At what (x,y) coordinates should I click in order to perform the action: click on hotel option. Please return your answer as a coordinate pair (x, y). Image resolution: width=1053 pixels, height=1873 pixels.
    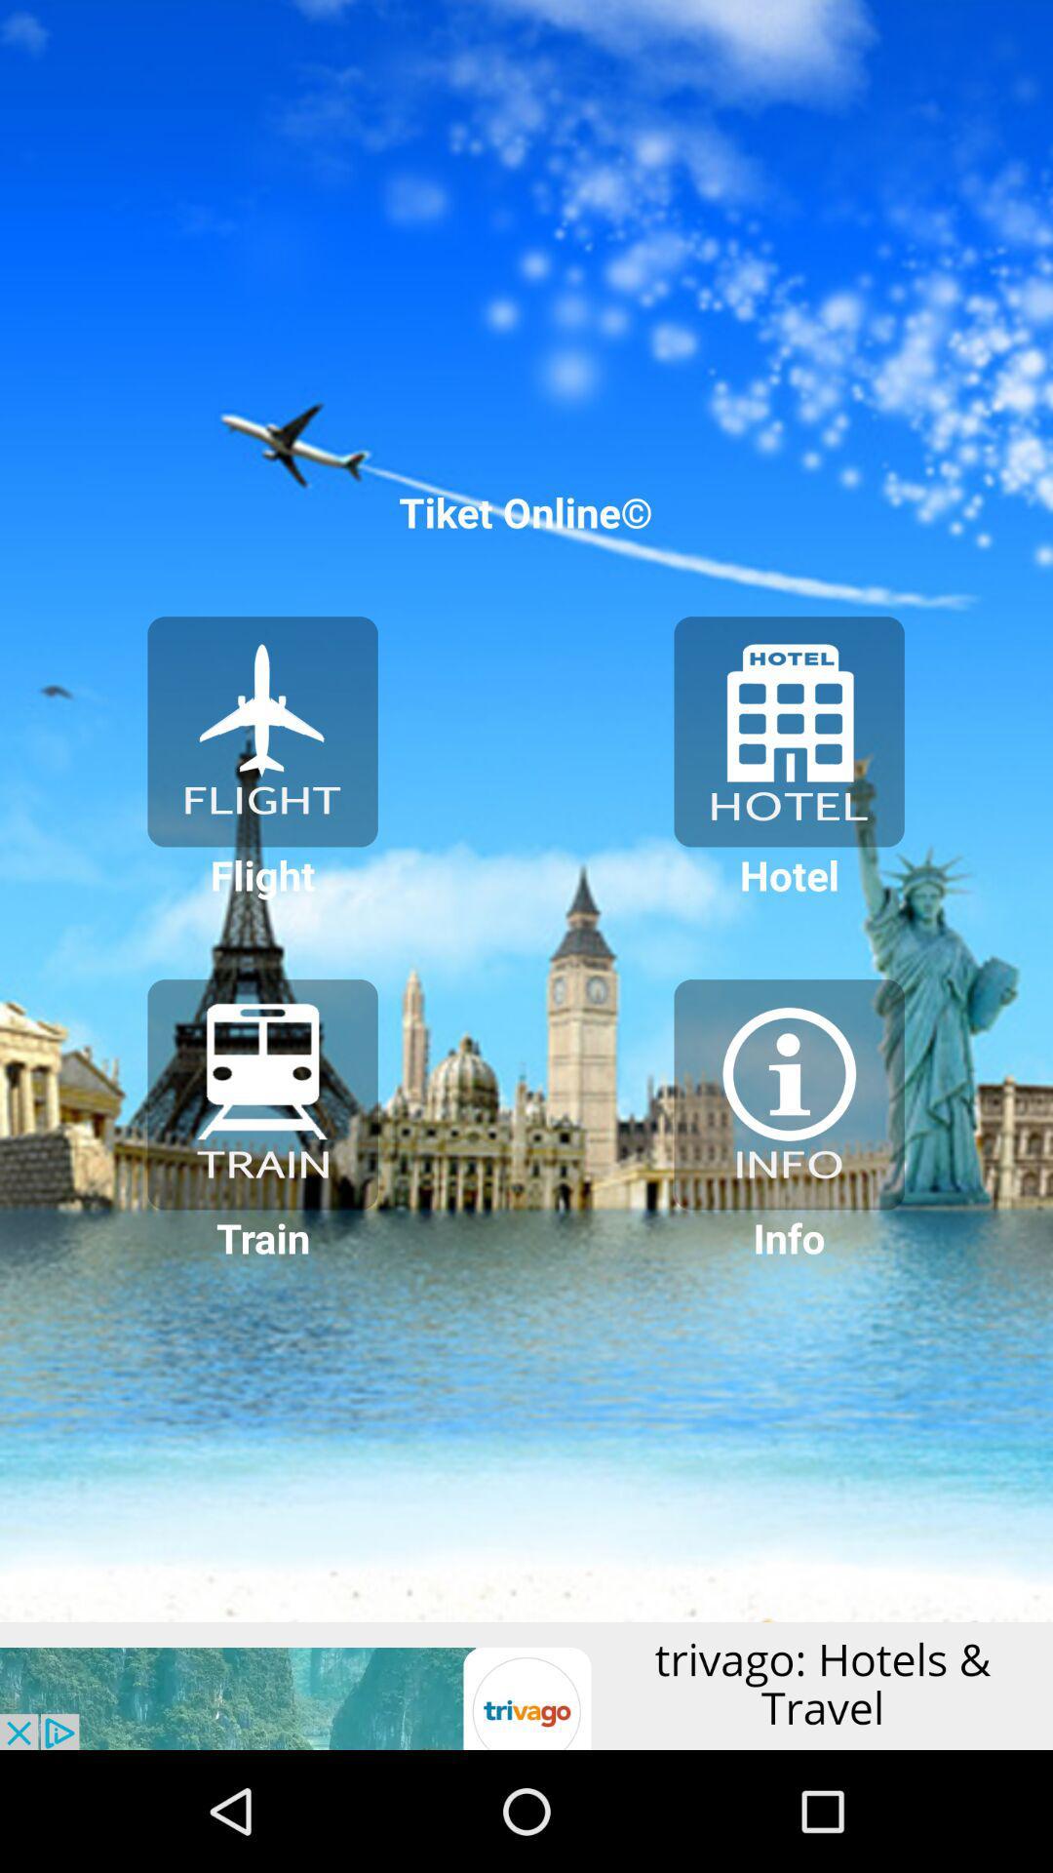
    Looking at the image, I should click on (788, 731).